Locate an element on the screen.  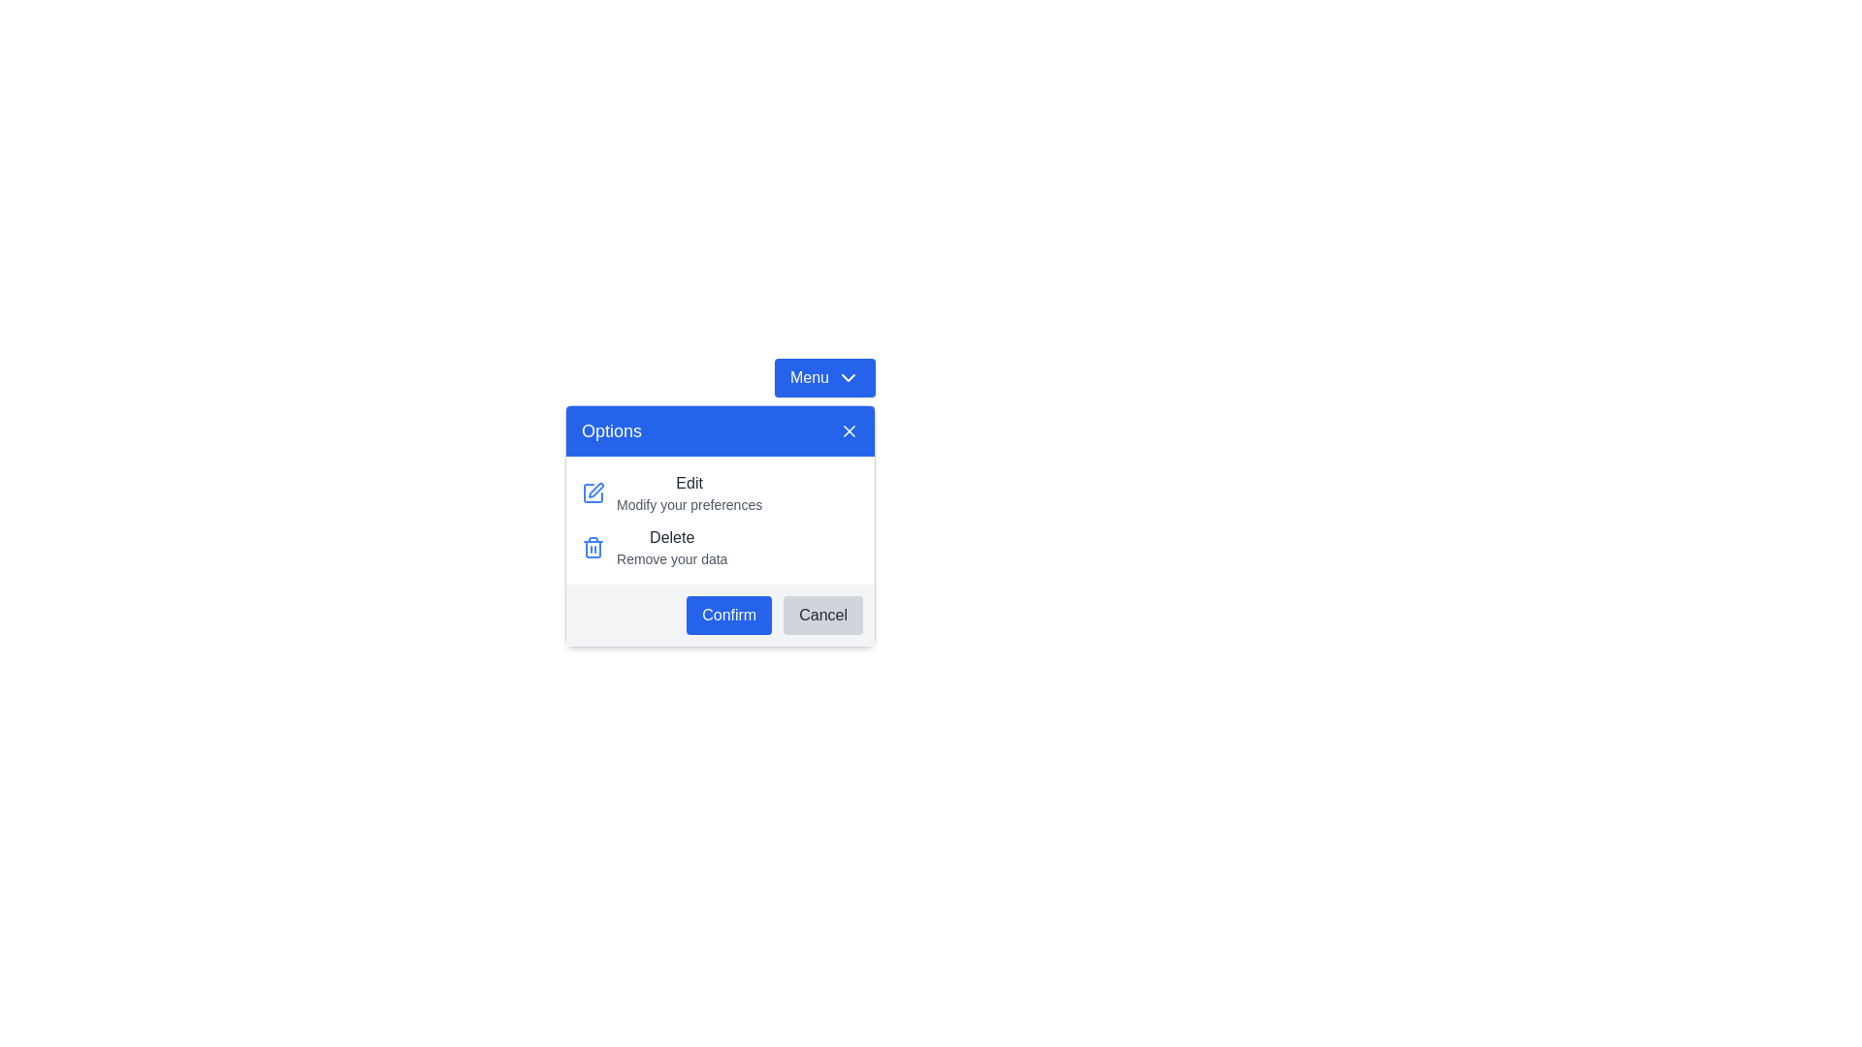
the blue trash can icon, which symbolizes a 'delete' action and is positioned to the left of the 'Delete' label is located at coordinates (593, 547).